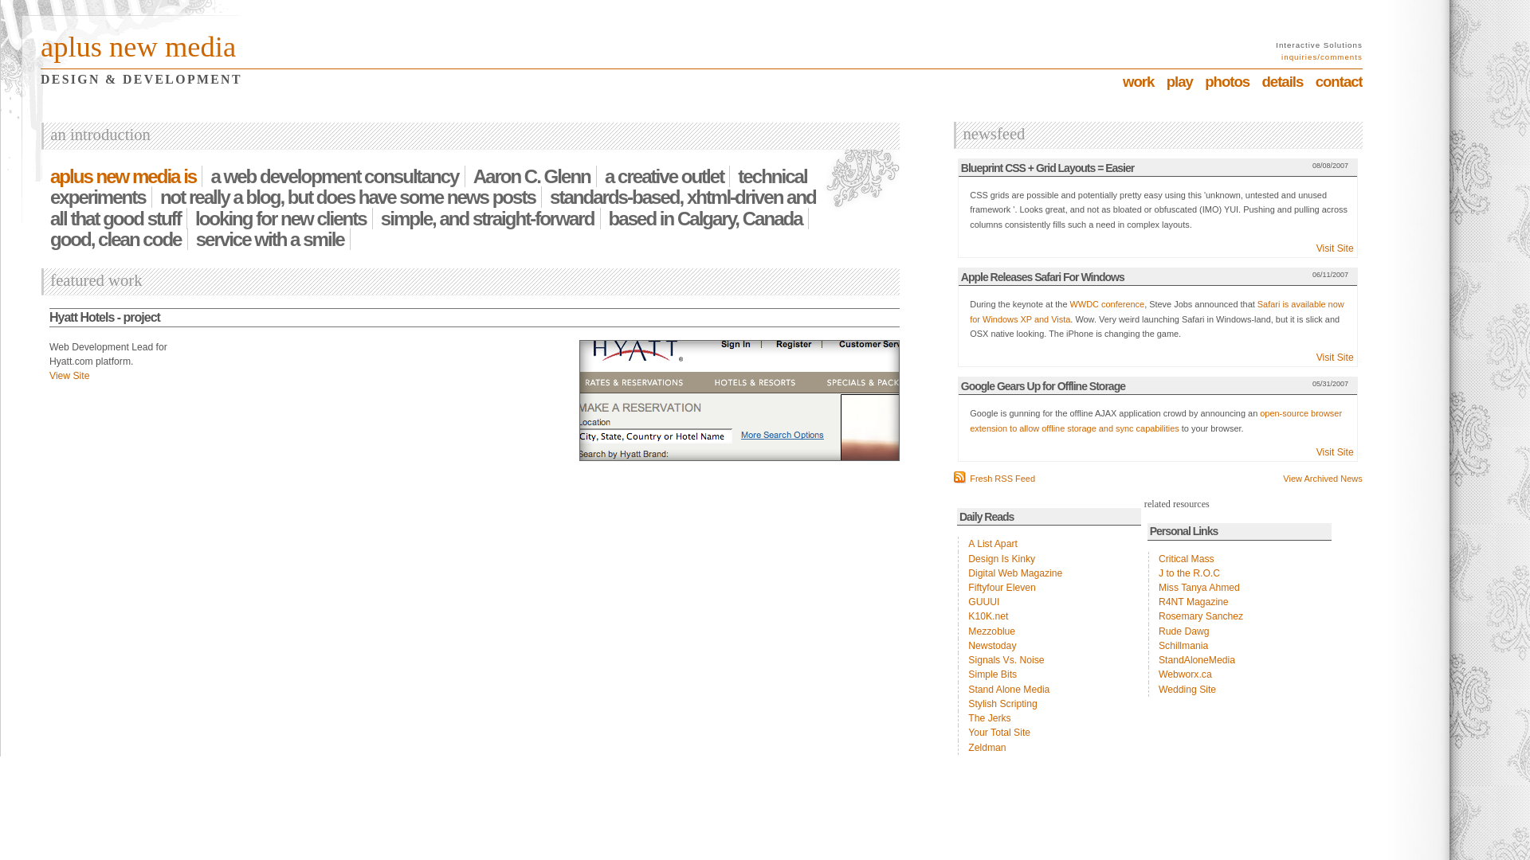 Image resolution: width=1530 pixels, height=860 pixels. What do you see at coordinates (1238, 587) in the screenshot?
I see `'Miss Tanya Ahmed'` at bounding box center [1238, 587].